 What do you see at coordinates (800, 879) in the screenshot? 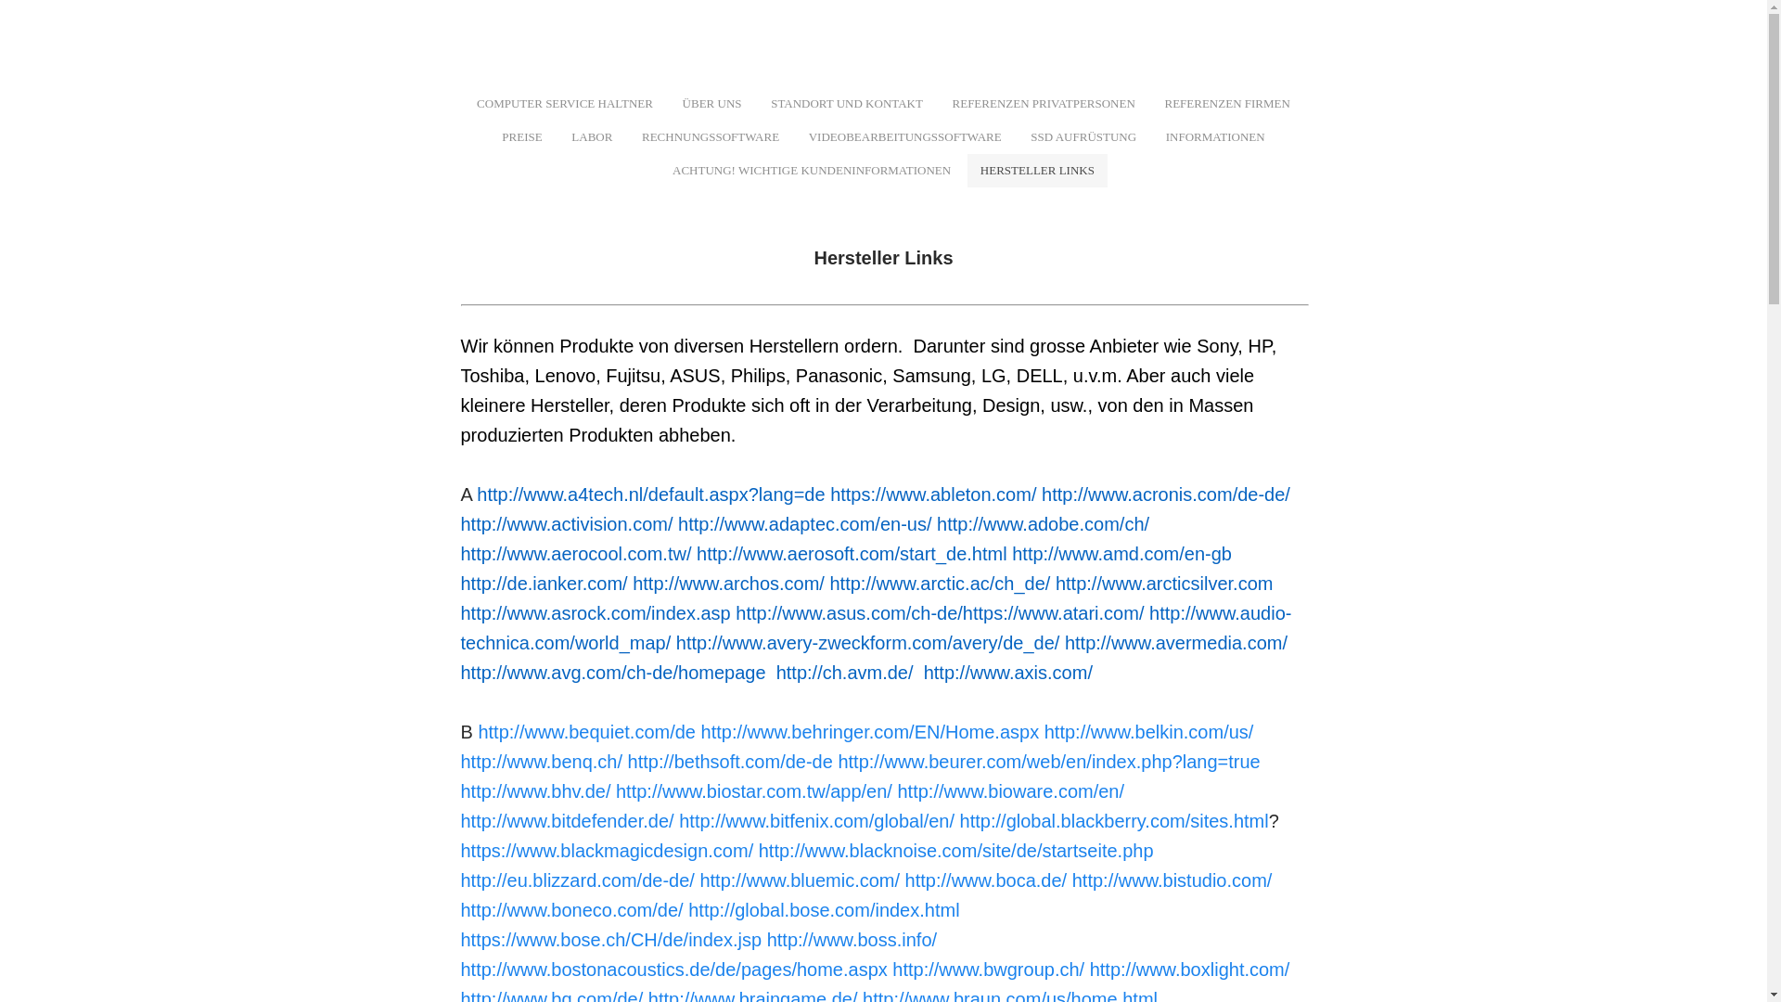
I see `'http://www.bluemic.com/'` at bounding box center [800, 879].